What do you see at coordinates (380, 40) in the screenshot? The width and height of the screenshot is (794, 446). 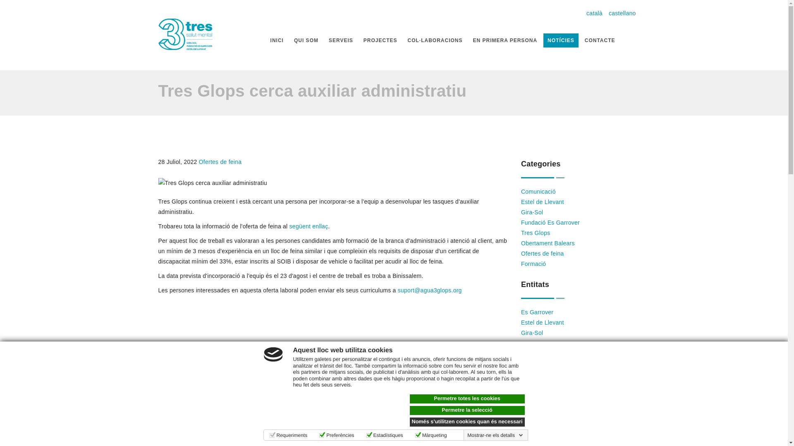 I see `'PROJECTES'` at bounding box center [380, 40].